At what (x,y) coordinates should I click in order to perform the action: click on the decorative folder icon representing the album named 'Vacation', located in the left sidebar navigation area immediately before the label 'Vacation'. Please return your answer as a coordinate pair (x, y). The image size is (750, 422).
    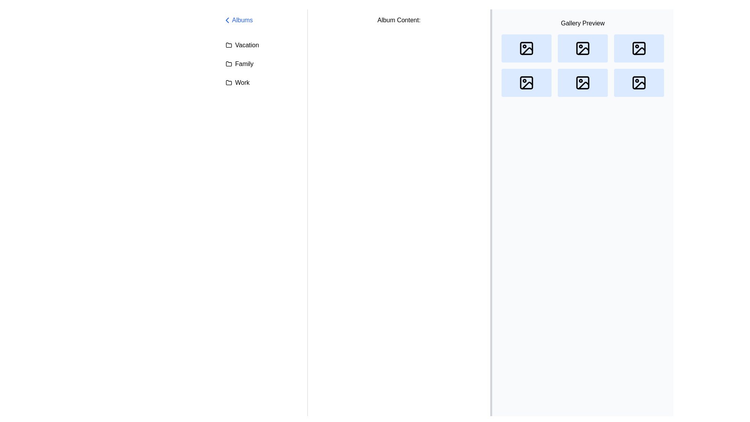
    Looking at the image, I should click on (228, 45).